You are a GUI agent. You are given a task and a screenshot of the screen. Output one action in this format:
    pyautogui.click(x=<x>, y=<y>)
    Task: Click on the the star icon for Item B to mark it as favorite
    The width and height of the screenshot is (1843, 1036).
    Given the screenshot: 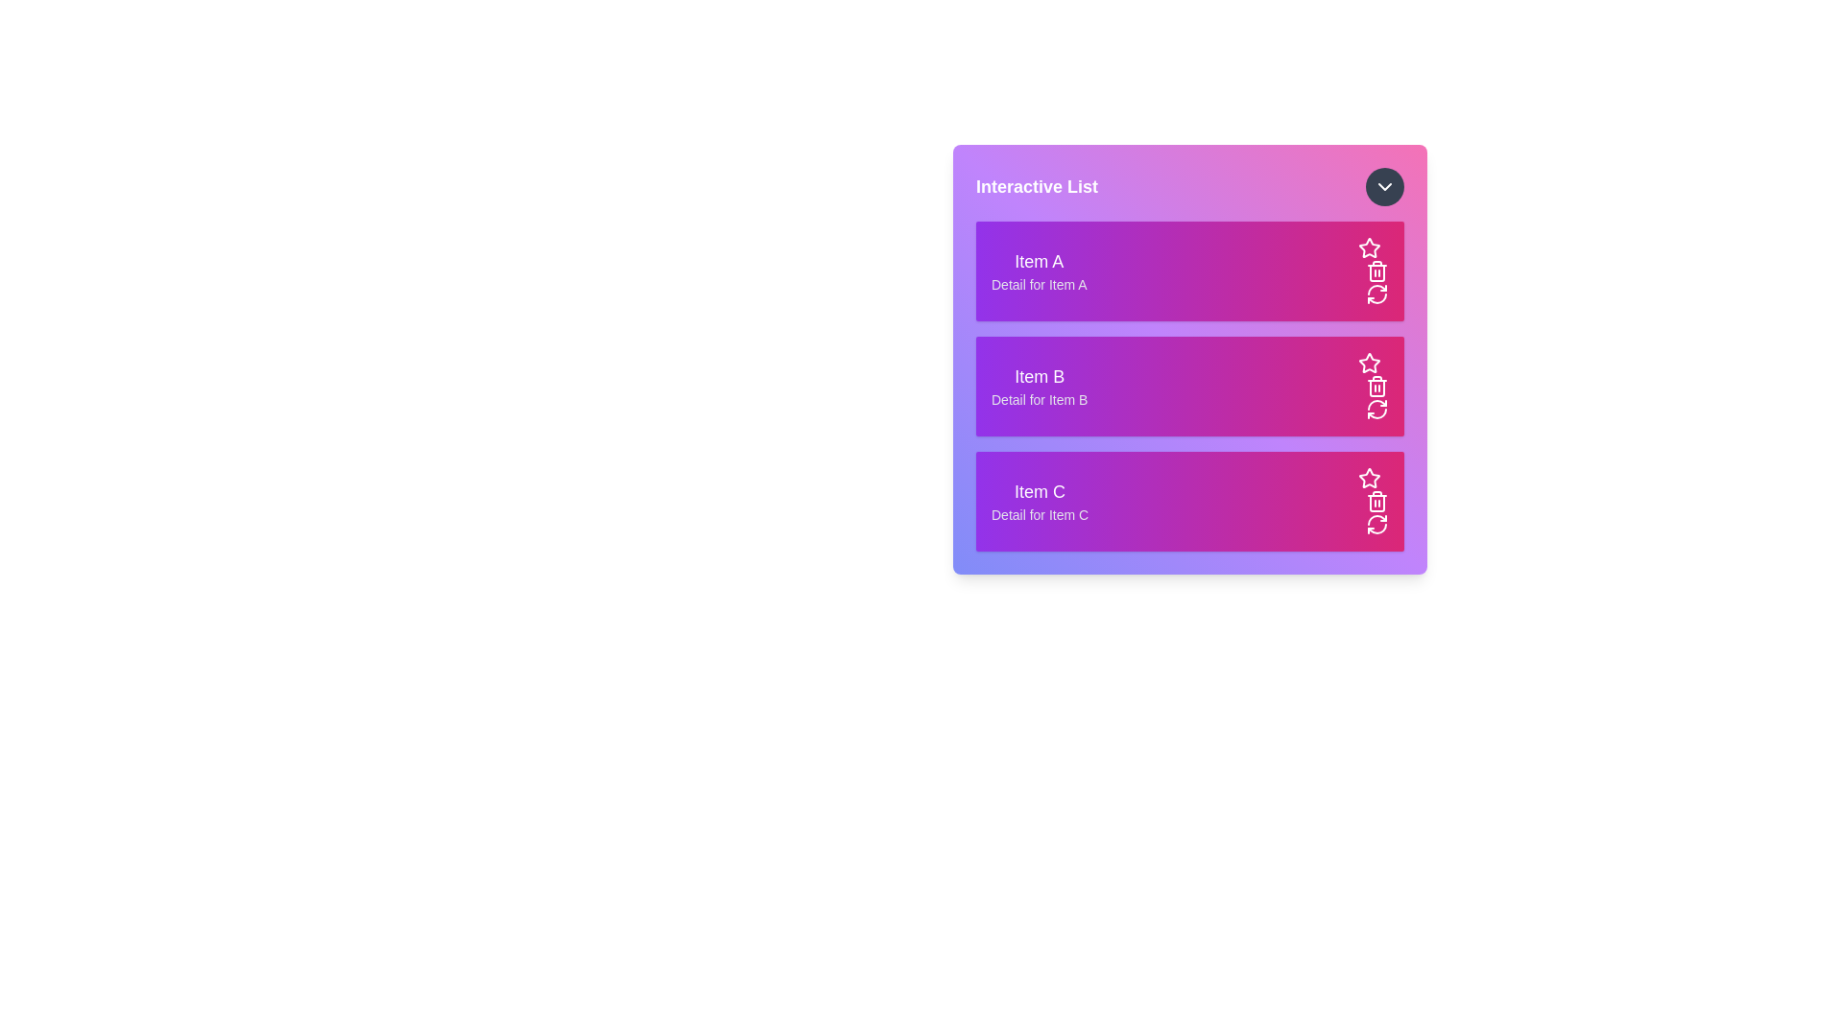 What is the action you would take?
    pyautogui.click(x=1368, y=363)
    